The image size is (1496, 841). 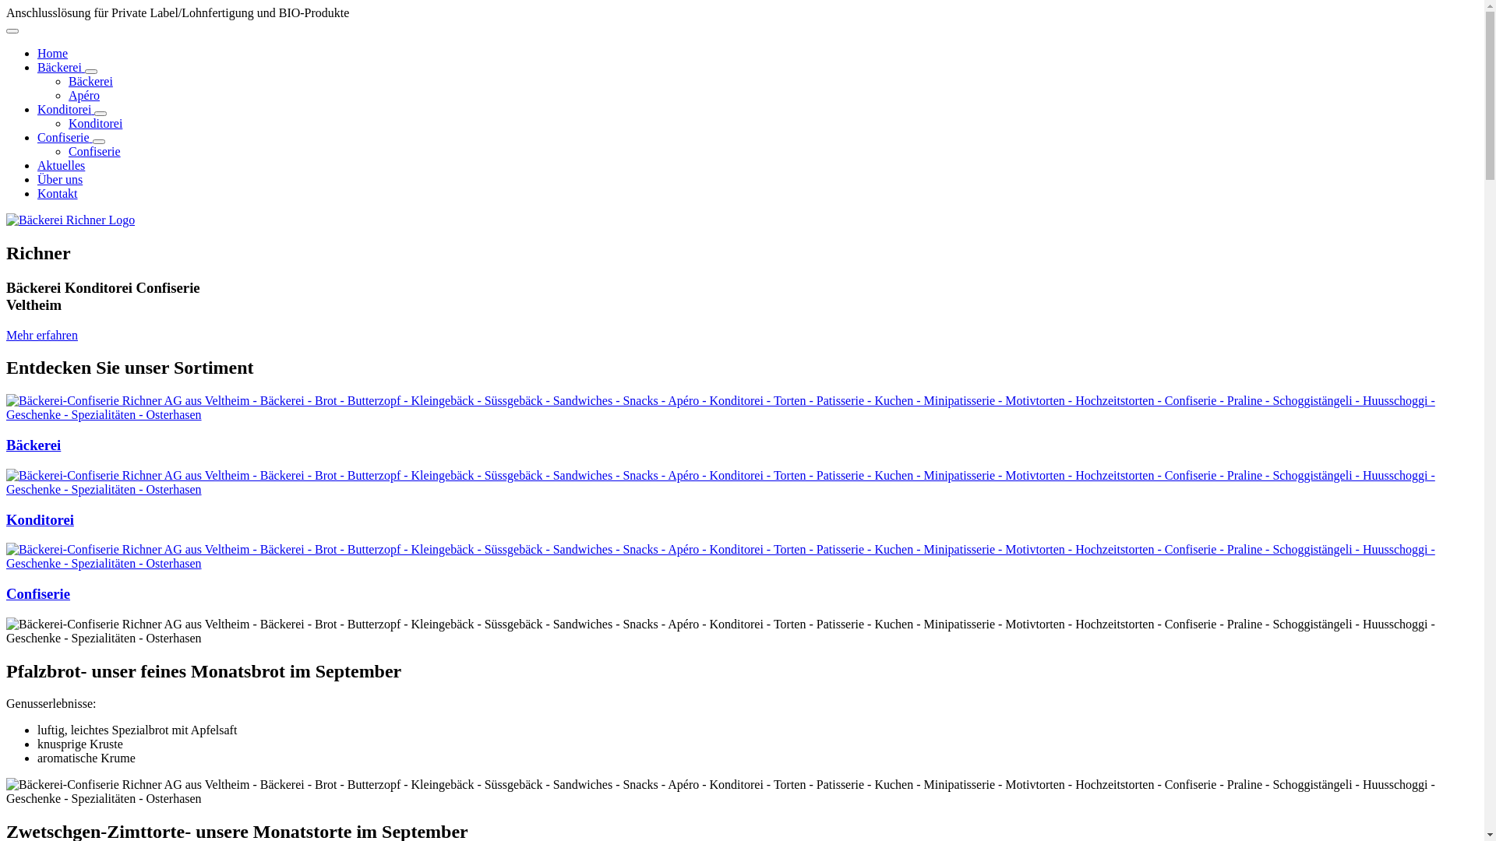 What do you see at coordinates (41, 334) in the screenshot?
I see `'Mehr erfahren'` at bounding box center [41, 334].